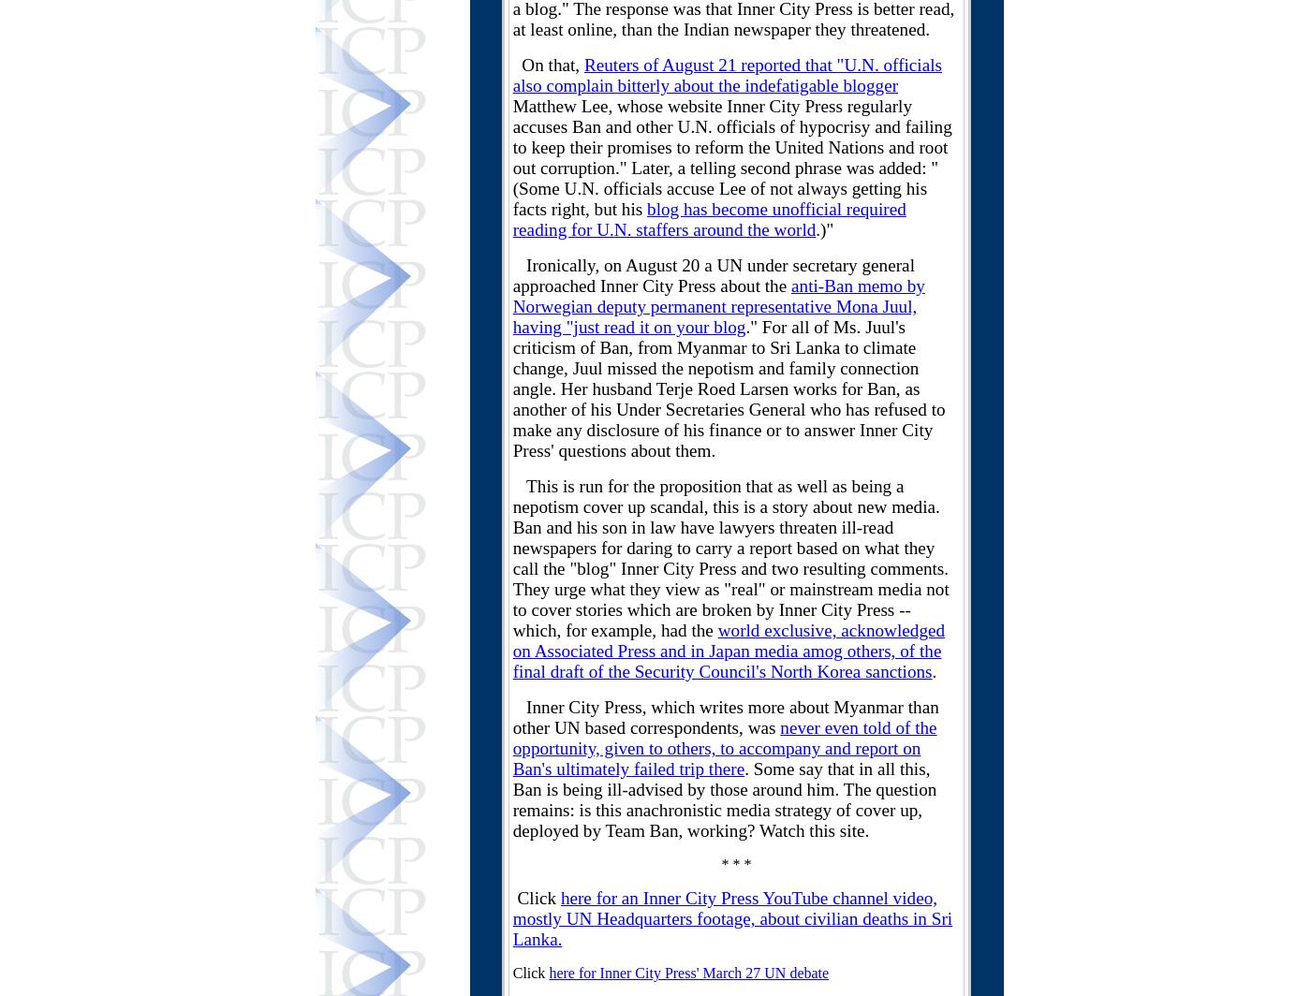 The image size is (1311, 996). What do you see at coordinates (718, 306) in the screenshot?
I see `'anti-Ban
memo by Norwegian deputy permanent representative
Mona Juul, having "just read it on your blog'` at bounding box center [718, 306].